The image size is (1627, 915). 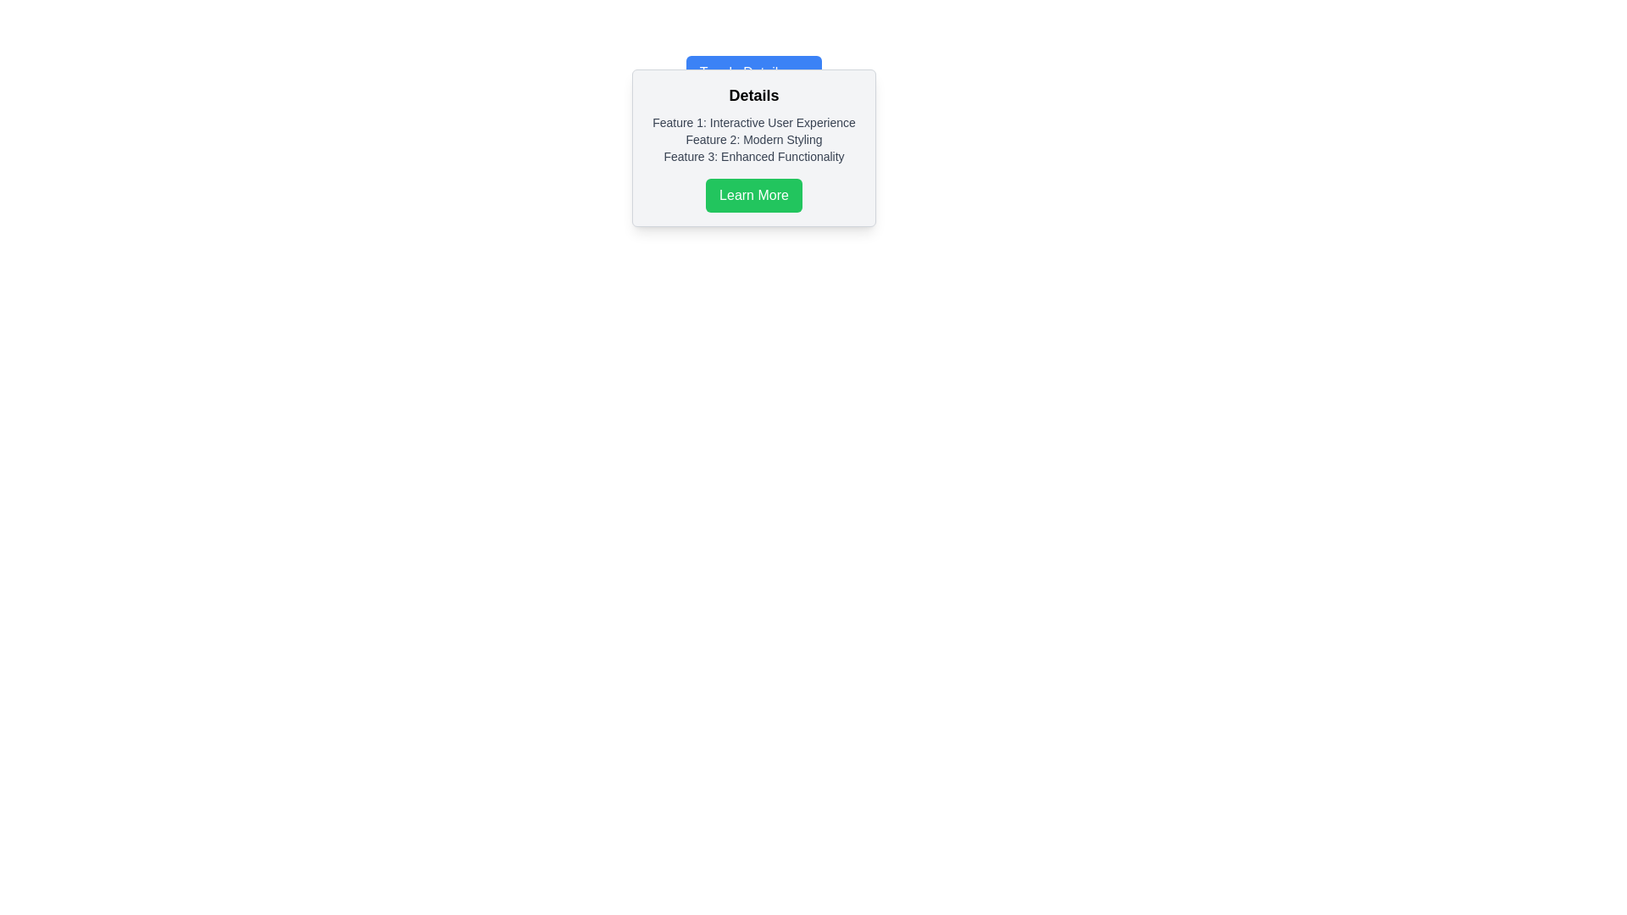 I want to click on the toggle button located at the top of the card that reveals or hides additional details, so click(x=752, y=71).